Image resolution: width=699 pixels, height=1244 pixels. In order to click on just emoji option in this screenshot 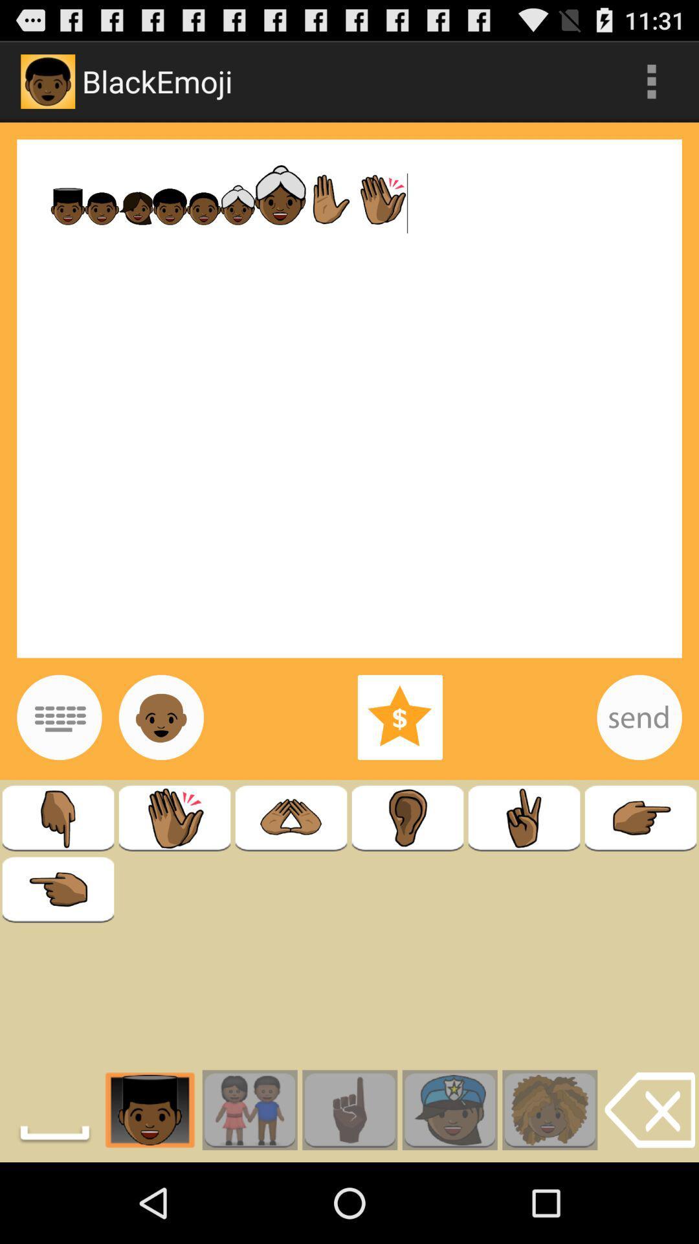, I will do `click(161, 717)`.